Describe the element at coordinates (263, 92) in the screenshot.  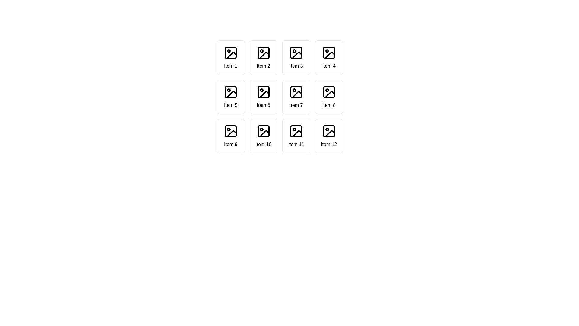
I see `the photograph icon located at the center of 'Item 6' in the grid layout` at that location.